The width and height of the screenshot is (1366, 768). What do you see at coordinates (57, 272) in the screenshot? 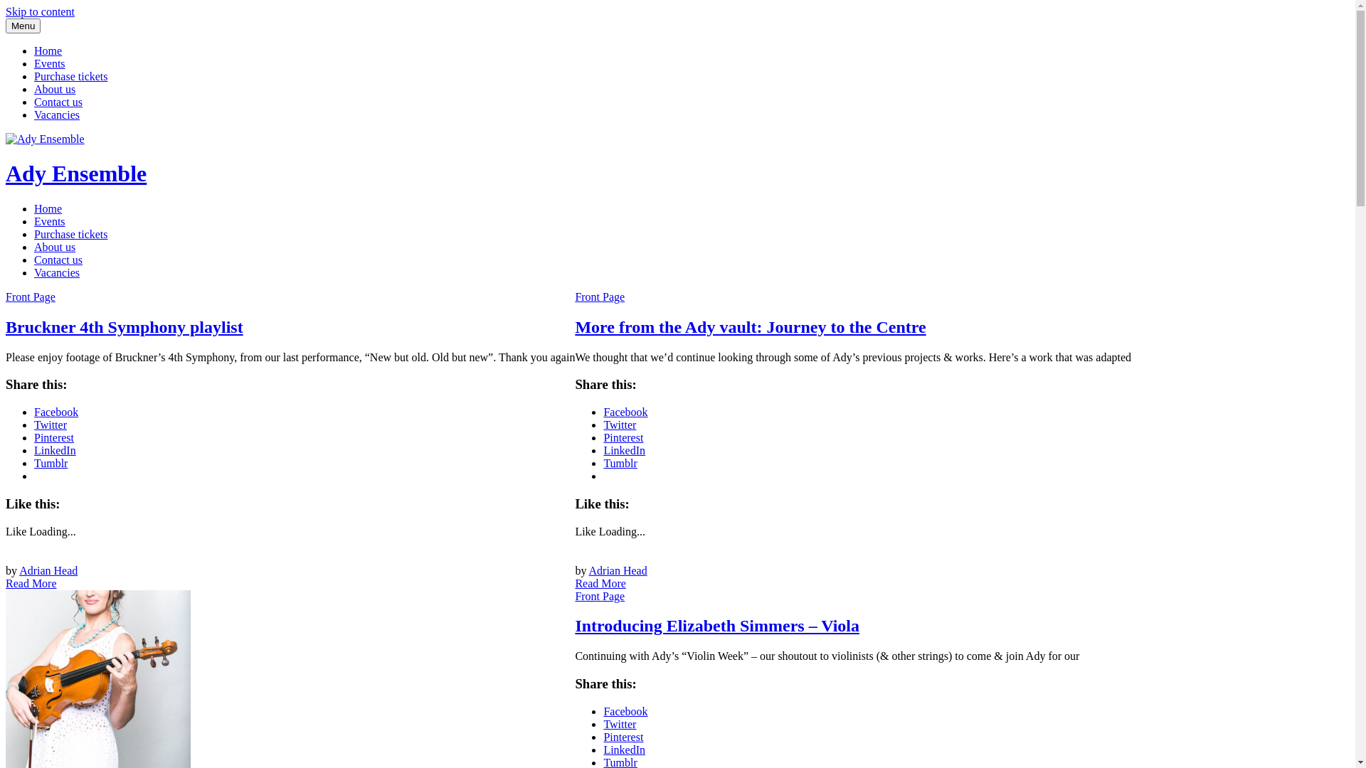
I see `'Vacancies'` at bounding box center [57, 272].